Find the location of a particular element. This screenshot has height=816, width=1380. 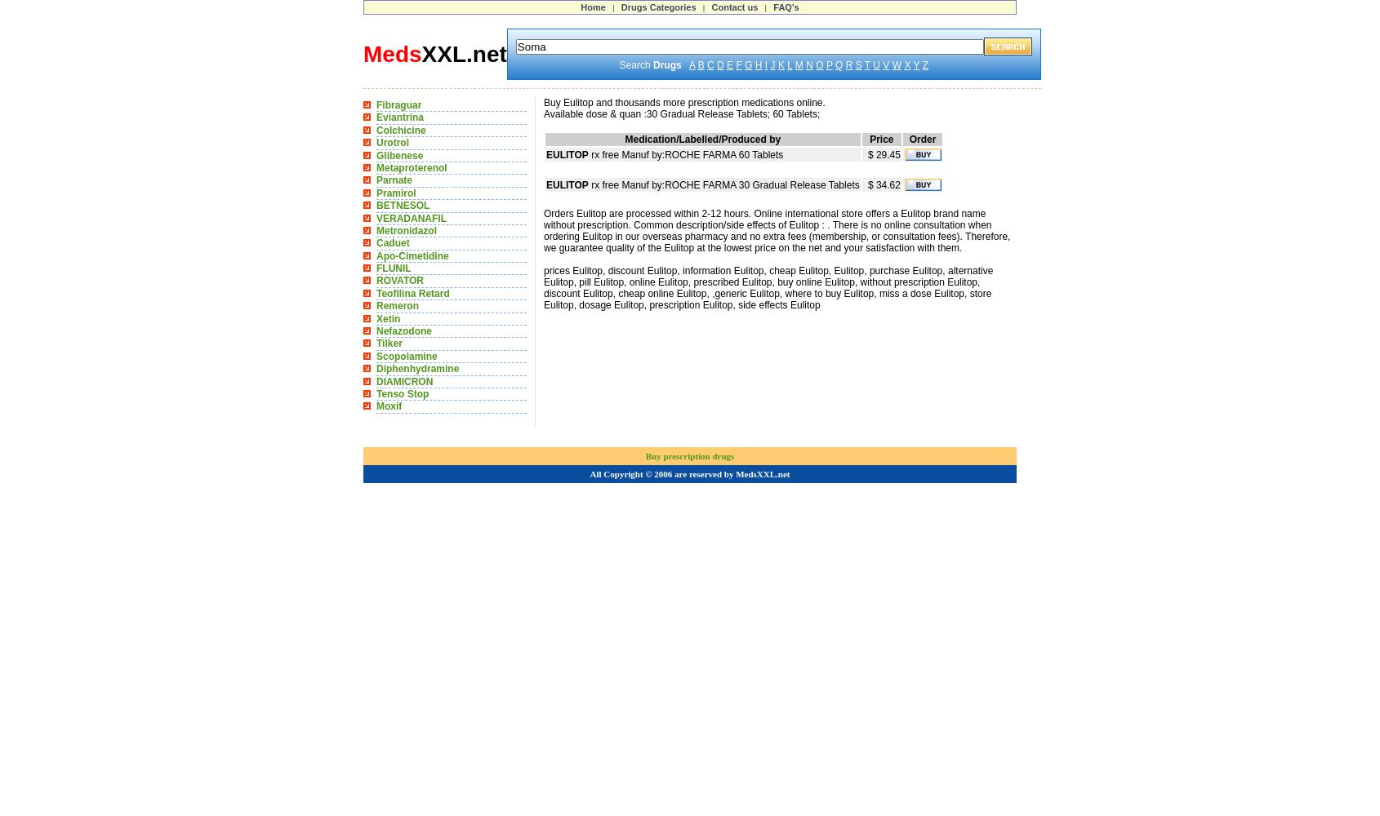

'C' is located at coordinates (710, 64).